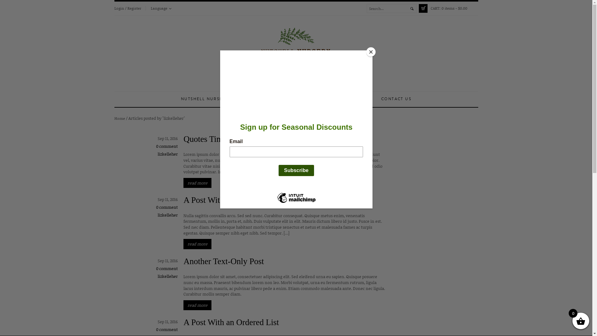 The image size is (597, 336). Describe the element at coordinates (119, 118) in the screenshot. I see `'Home'` at that location.